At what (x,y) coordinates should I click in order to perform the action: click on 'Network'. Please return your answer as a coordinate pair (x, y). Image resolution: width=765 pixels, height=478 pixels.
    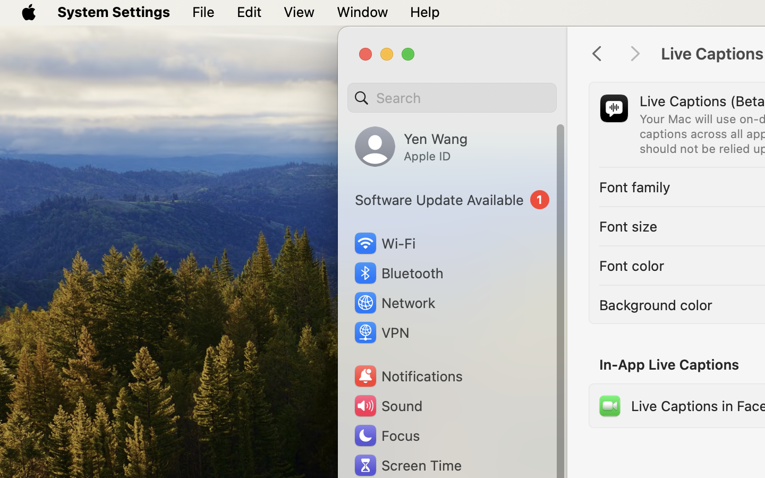
    Looking at the image, I should click on (394, 302).